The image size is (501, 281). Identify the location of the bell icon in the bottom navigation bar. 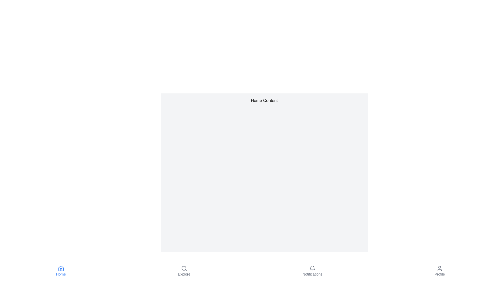
(312, 269).